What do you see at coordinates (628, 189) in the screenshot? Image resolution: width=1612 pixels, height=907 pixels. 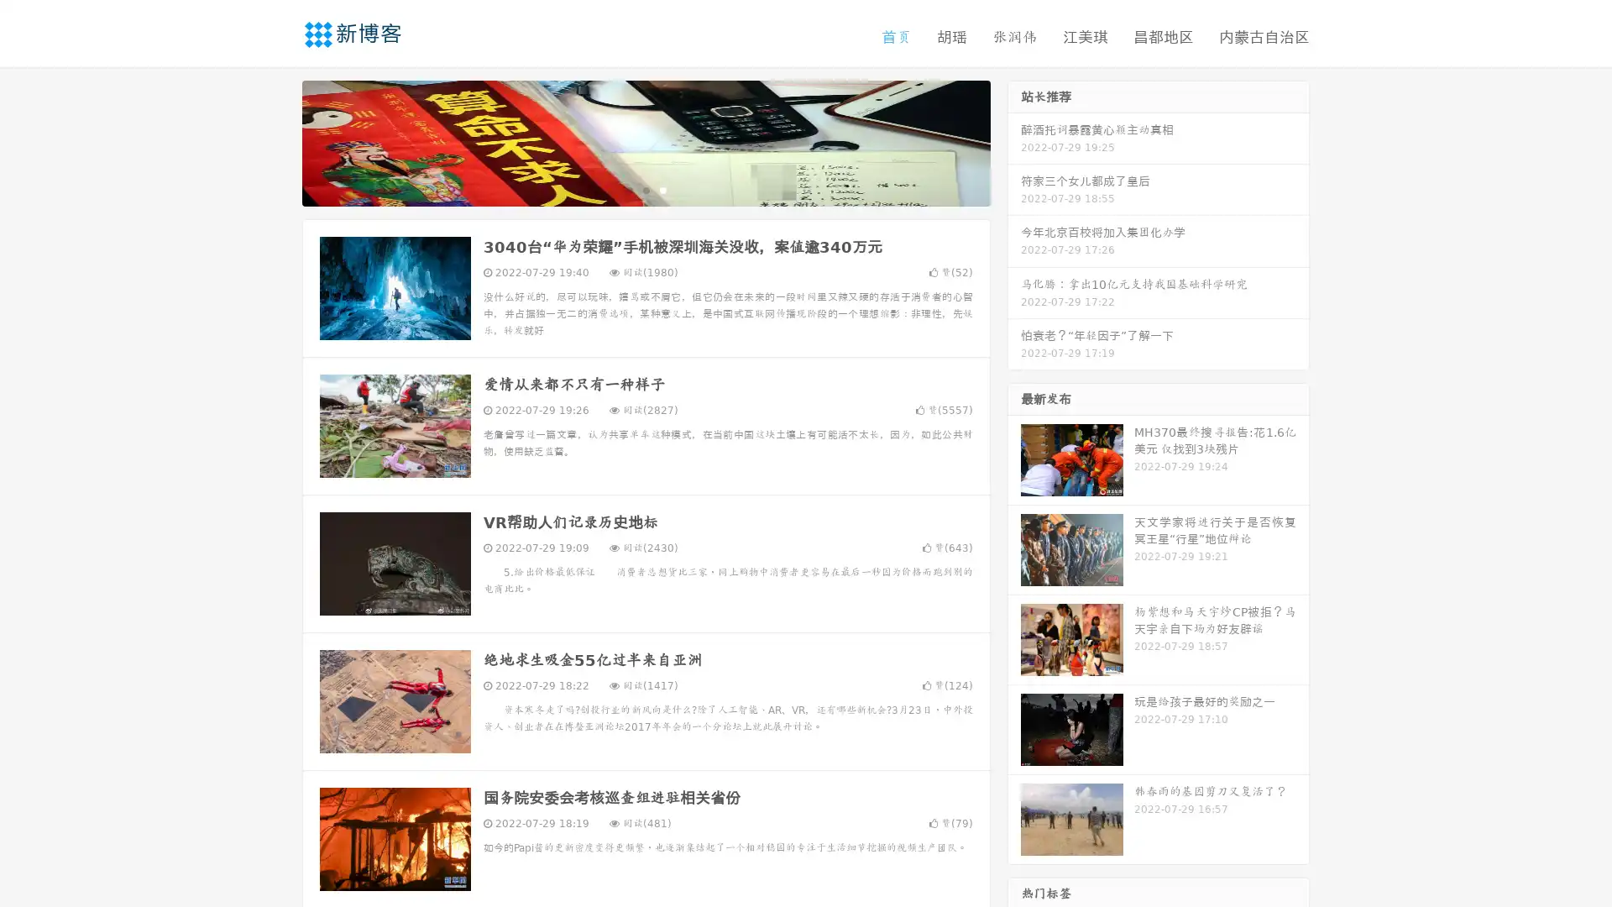 I see `Go to slide 1` at bounding box center [628, 189].